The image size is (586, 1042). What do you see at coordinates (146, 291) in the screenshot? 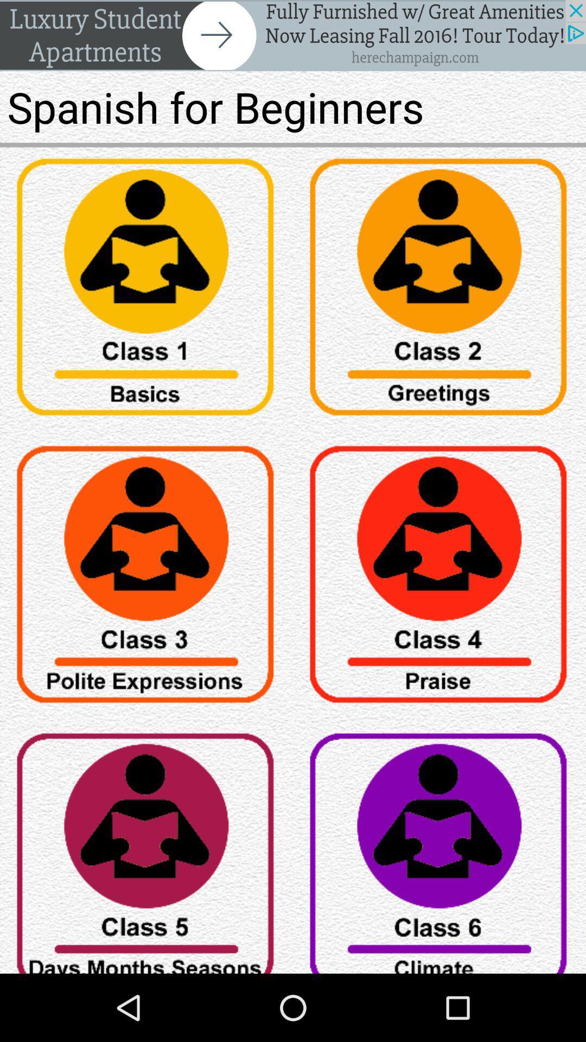
I see `class one` at bounding box center [146, 291].